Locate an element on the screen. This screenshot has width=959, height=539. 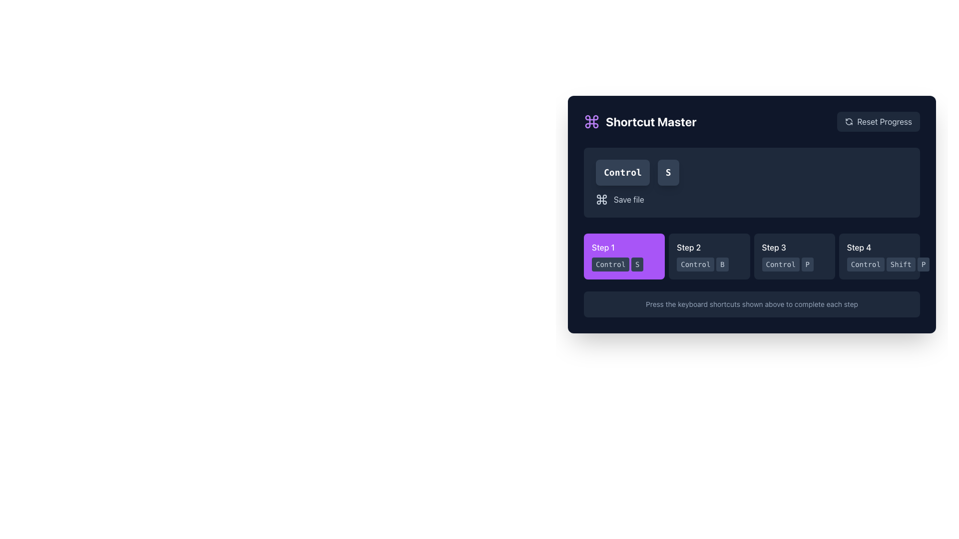
the text label indicating the first step in the multi-step process located inside the first purple box of the 'Shortcut Master' panel is located at coordinates (602, 247).